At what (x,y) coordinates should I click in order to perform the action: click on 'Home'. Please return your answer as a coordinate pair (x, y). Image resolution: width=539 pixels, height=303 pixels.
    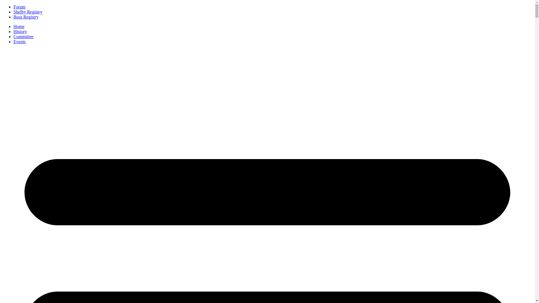
    Looking at the image, I should click on (19, 26).